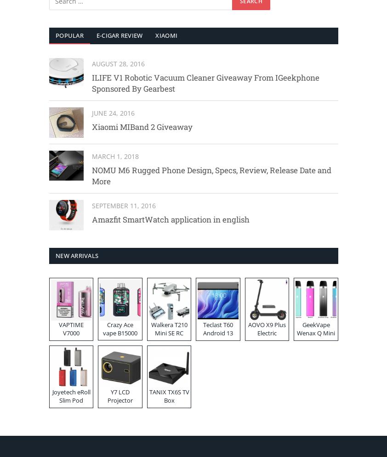 The height and width of the screenshot is (457, 387). I want to click on 'Crazy Ace vape B15000', so click(120, 328).